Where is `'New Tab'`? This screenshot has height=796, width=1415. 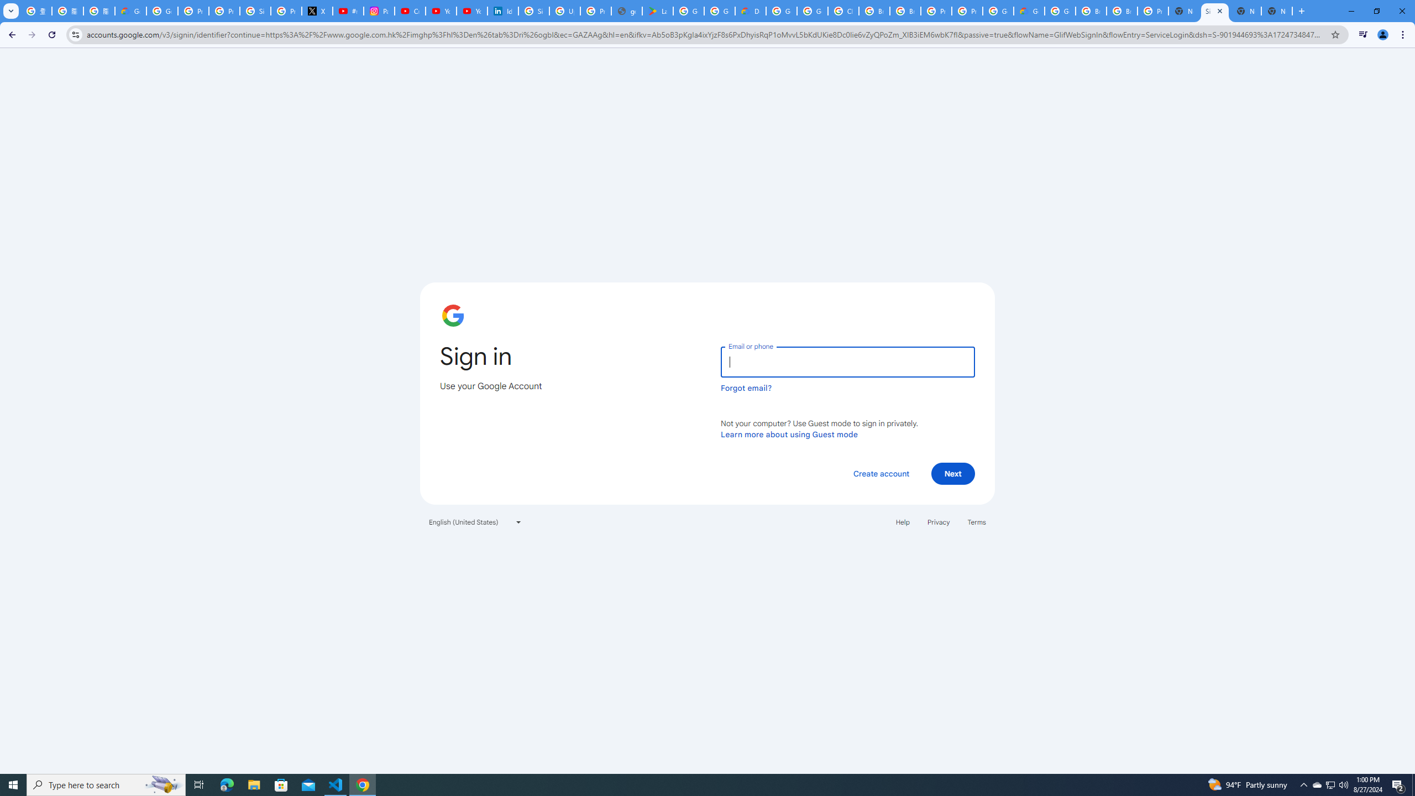 'New Tab' is located at coordinates (1277, 11).